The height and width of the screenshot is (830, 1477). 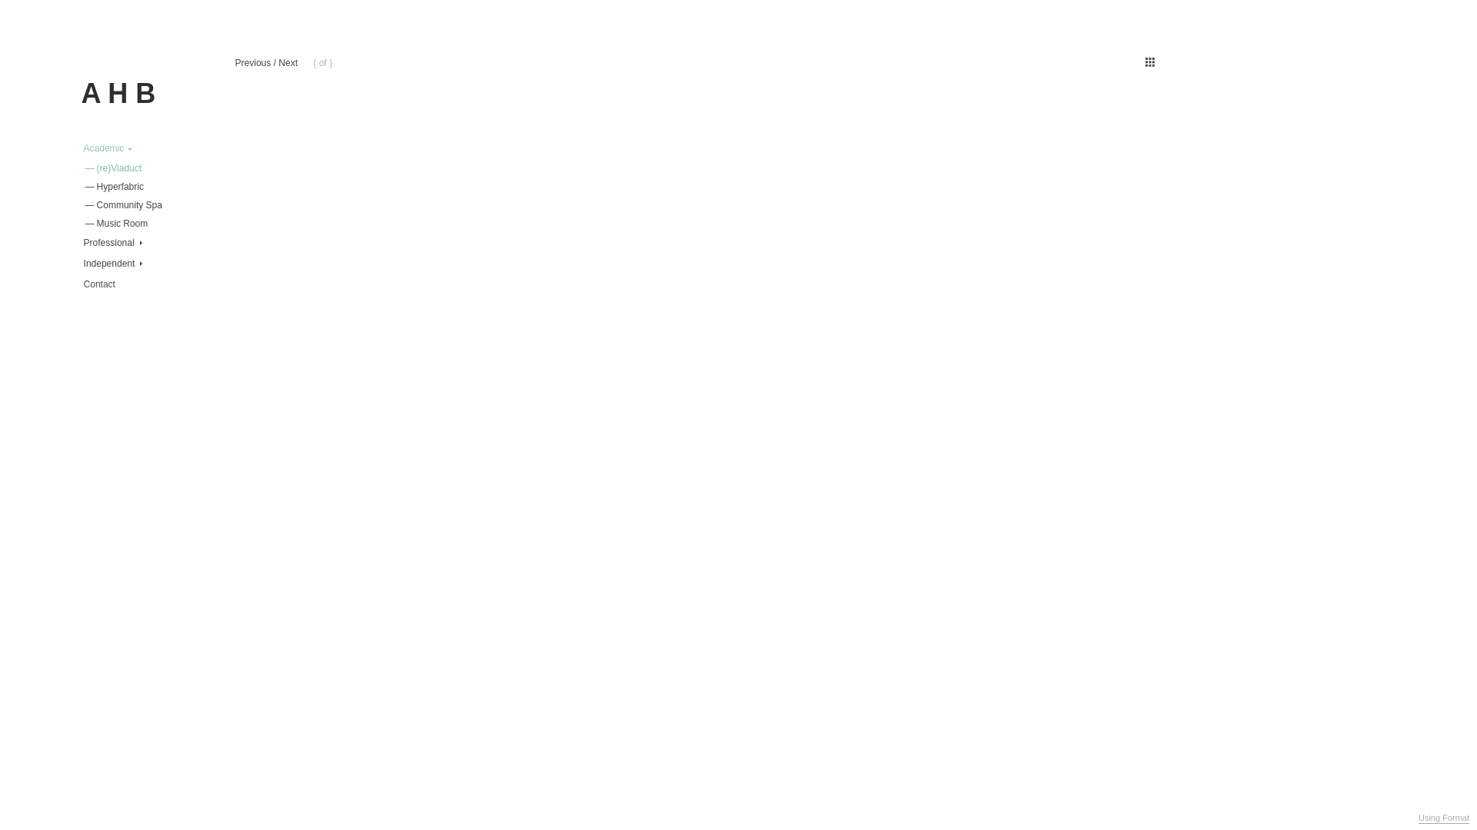 I want to click on 'A H B', so click(x=118, y=93).